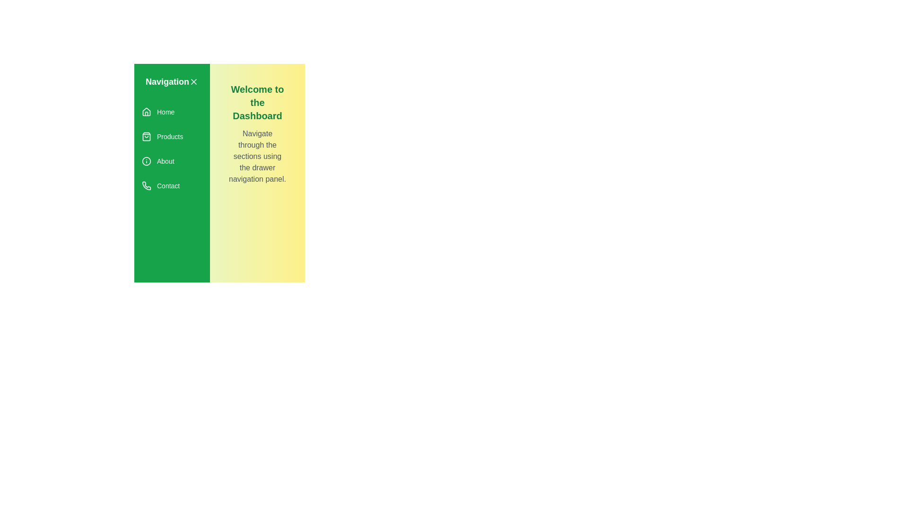  Describe the element at coordinates (172, 111) in the screenshot. I see `the menu item Home to navigate to the corresponding section` at that location.